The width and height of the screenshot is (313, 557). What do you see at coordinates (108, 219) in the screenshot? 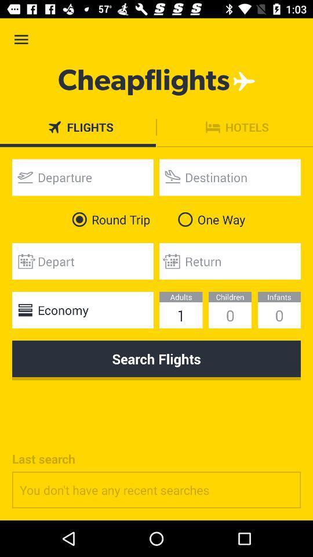
I see `the round trip` at bounding box center [108, 219].